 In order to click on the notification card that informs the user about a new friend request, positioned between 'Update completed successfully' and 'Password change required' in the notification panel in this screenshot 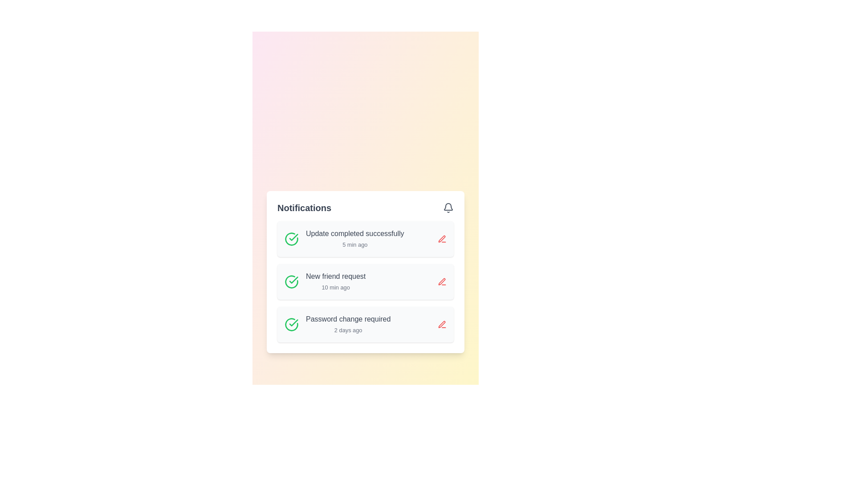, I will do `click(335, 281)`.